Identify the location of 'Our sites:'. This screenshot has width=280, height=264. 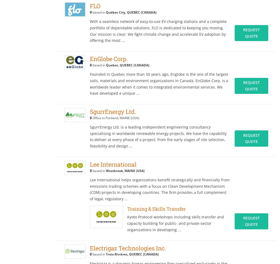
(160, 26).